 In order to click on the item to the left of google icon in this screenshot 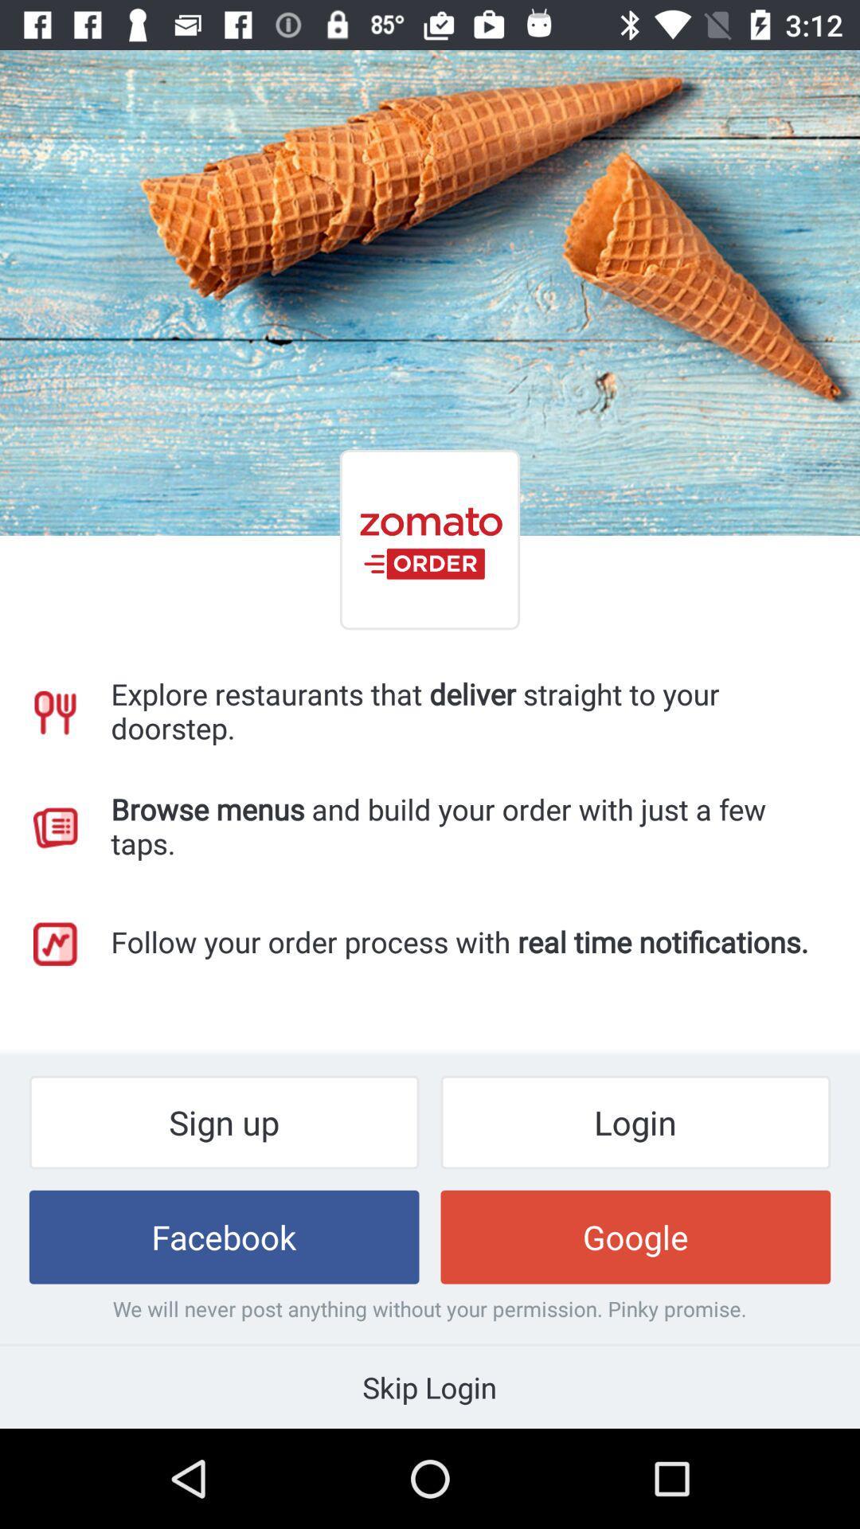, I will do `click(224, 1236)`.